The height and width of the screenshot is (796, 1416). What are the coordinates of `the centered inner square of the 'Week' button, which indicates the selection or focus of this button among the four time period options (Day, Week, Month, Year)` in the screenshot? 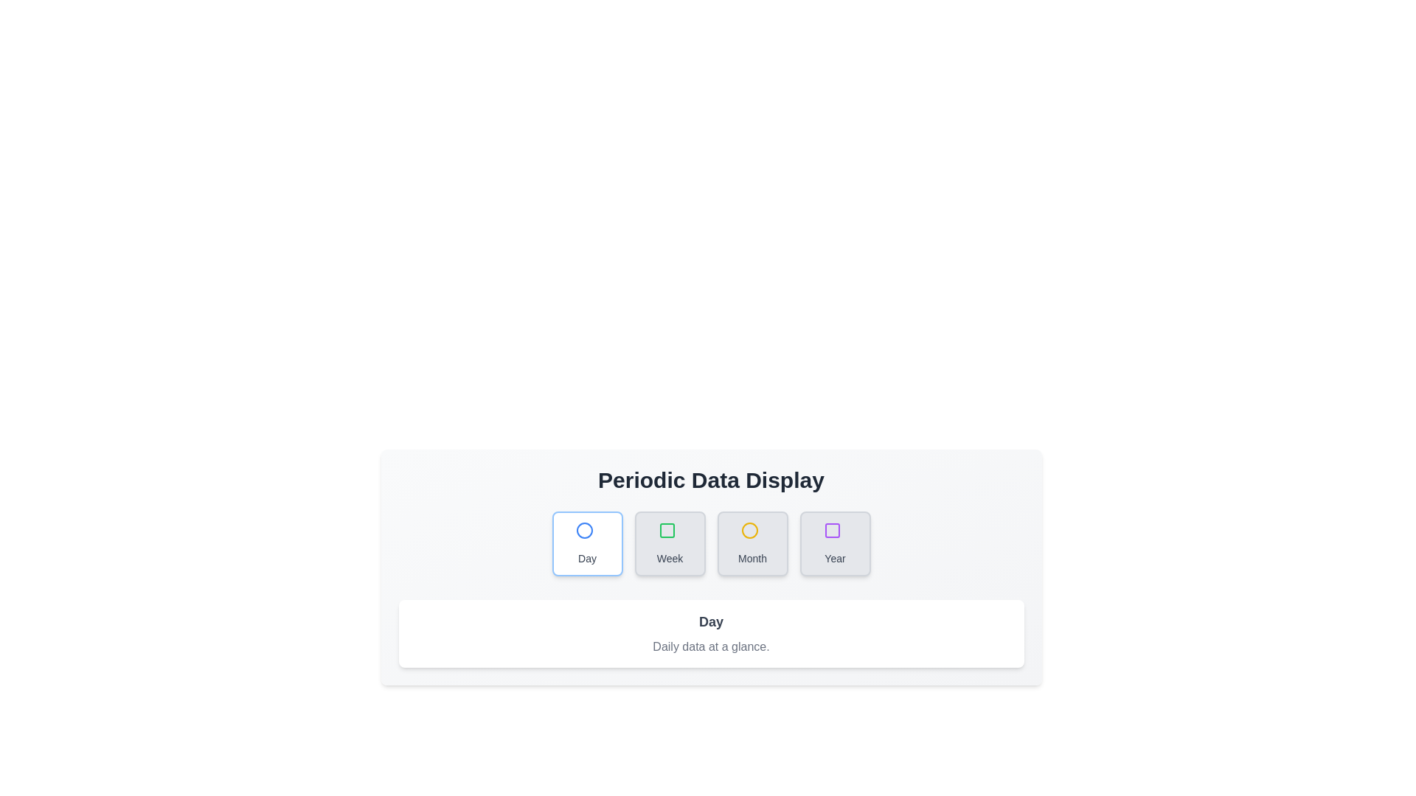 It's located at (666, 531).